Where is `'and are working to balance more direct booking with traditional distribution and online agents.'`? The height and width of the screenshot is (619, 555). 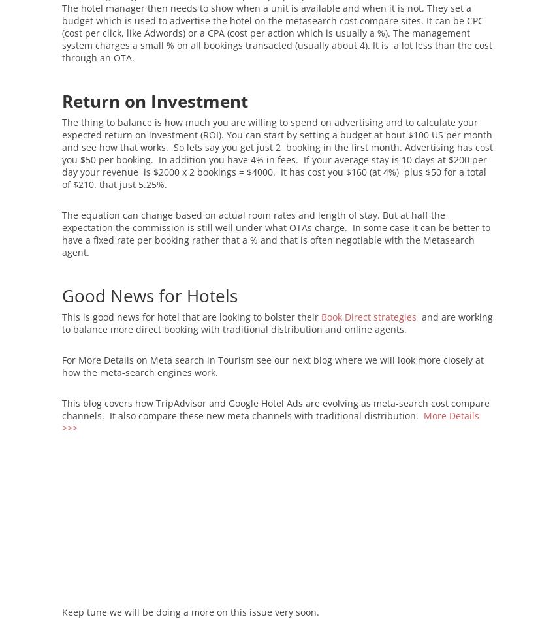 'and are working to balance more direct booking with traditional distribution and online agents.' is located at coordinates (277, 323).